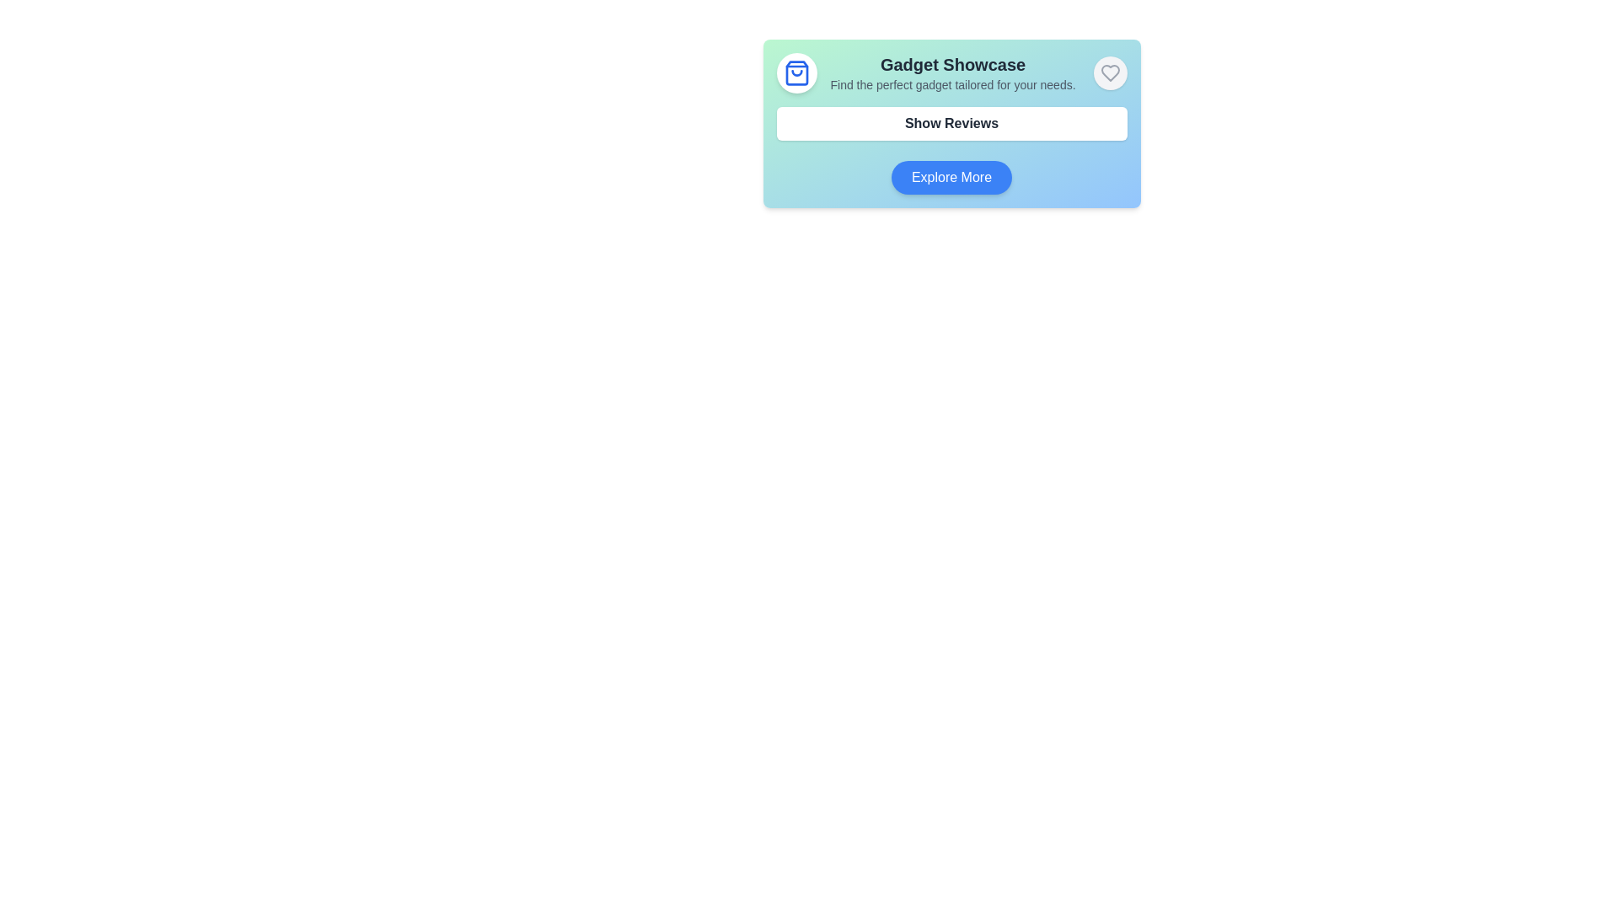  What do you see at coordinates (951, 122) in the screenshot?
I see `the informational and interactive panel promoting gadgets, which includes a title, subtitle, and call-to-action buttons` at bounding box center [951, 122].